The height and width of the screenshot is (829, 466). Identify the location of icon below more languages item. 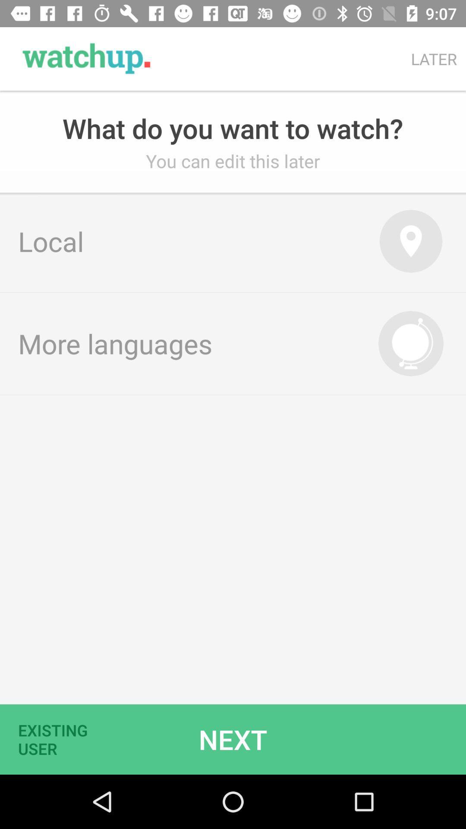
(233, 739).